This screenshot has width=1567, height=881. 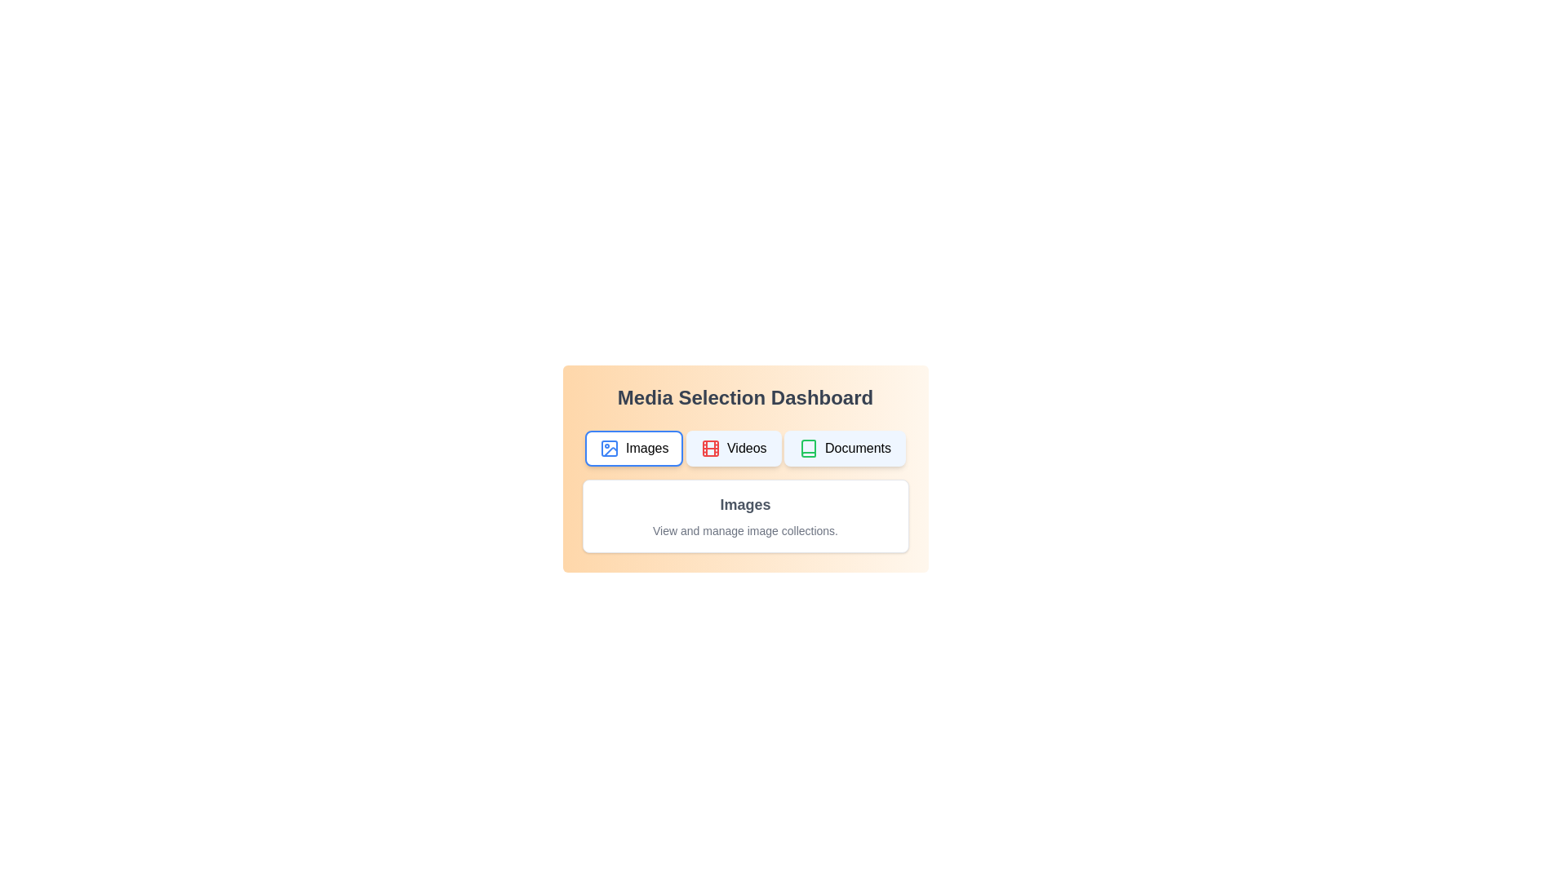 I want to click on the 'Images' button located on the far left of the first row in the Media Selection Dashboard, so click(x=633, y=449).